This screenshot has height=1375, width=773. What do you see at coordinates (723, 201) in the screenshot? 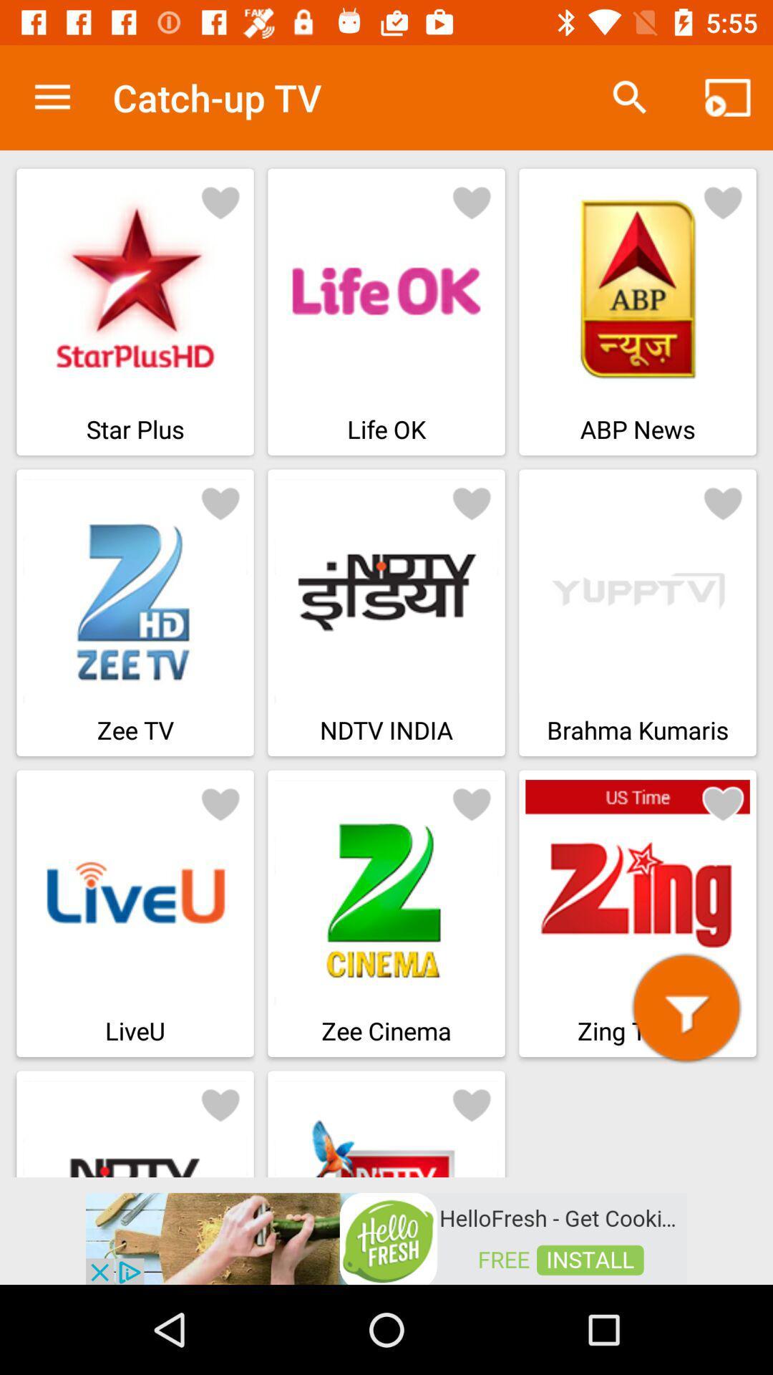
I see `favorite` at bounding box center [723, 201].